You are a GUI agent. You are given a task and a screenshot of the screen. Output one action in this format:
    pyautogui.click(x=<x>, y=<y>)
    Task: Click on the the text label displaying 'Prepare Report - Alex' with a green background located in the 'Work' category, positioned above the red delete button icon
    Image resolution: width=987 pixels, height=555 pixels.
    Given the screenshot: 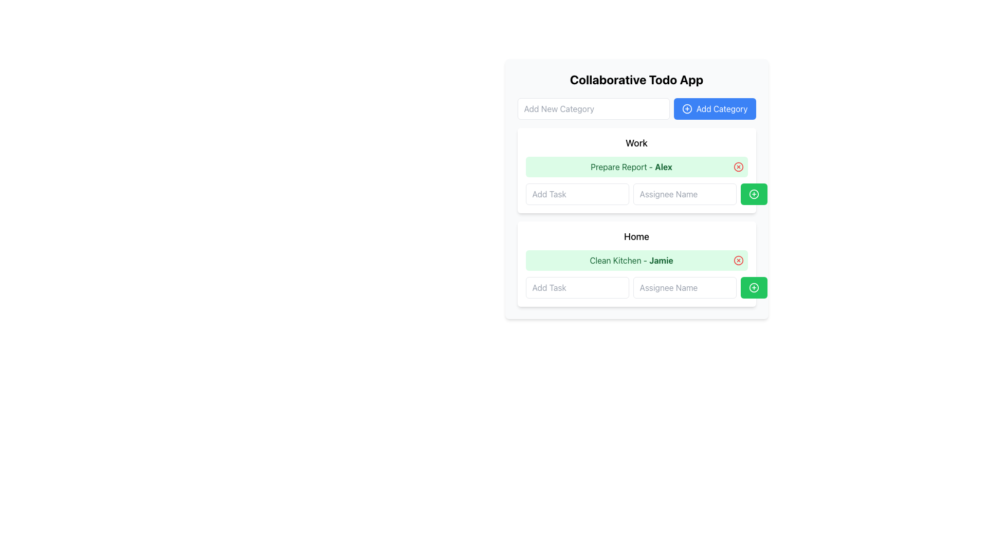 What is the action you would take?
    pyautogui.click(x=631, y=166)
    